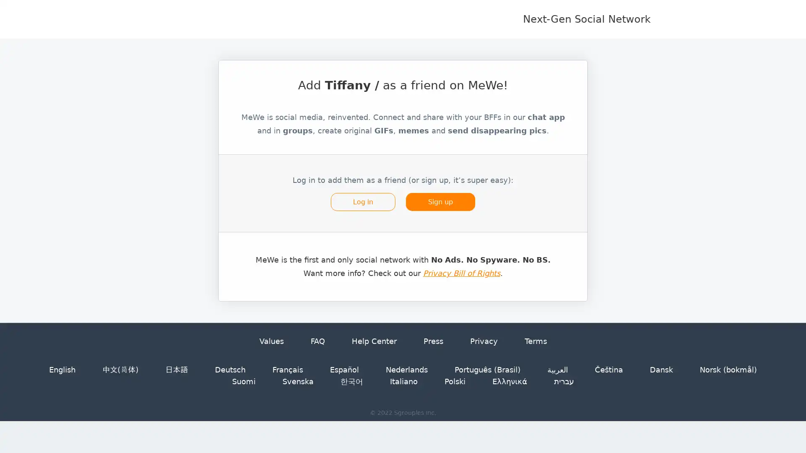  Describe the element at coordinates (439, 207) in the screenshot. I see `Sign up` at that location.